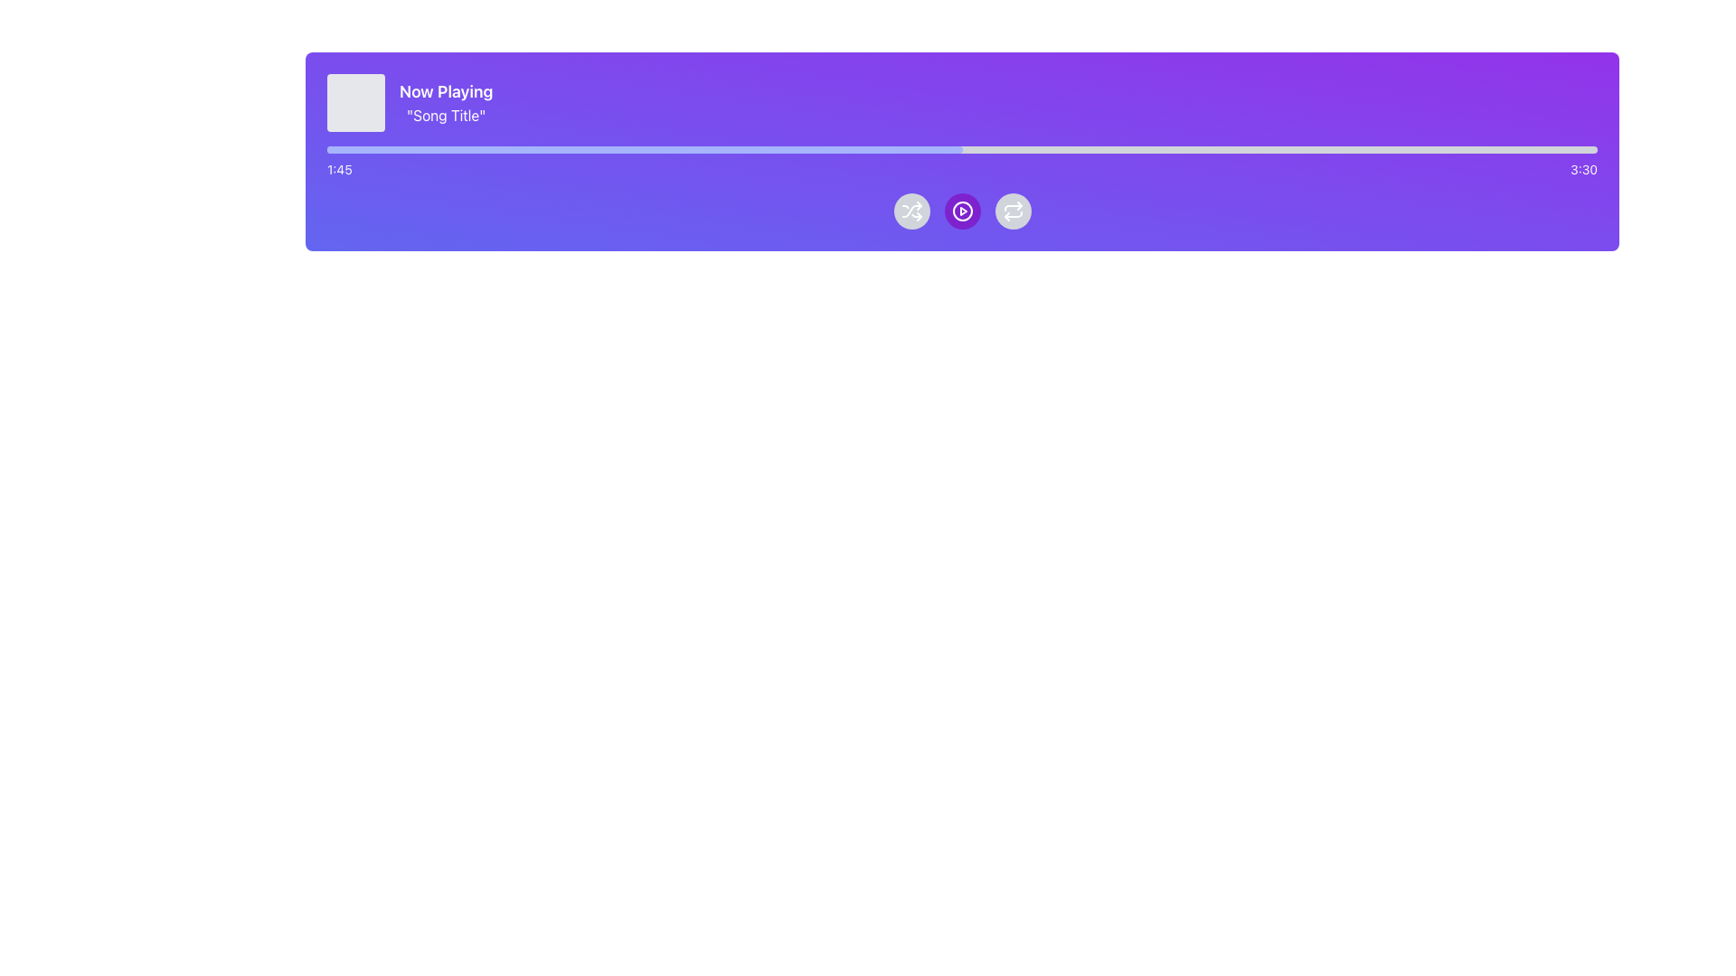 This screenshot has width=1736, height=976. What do you see at coordinates (1112, 148) in the screenshot?
I see `the slider` at bounding box center [1112, 148].